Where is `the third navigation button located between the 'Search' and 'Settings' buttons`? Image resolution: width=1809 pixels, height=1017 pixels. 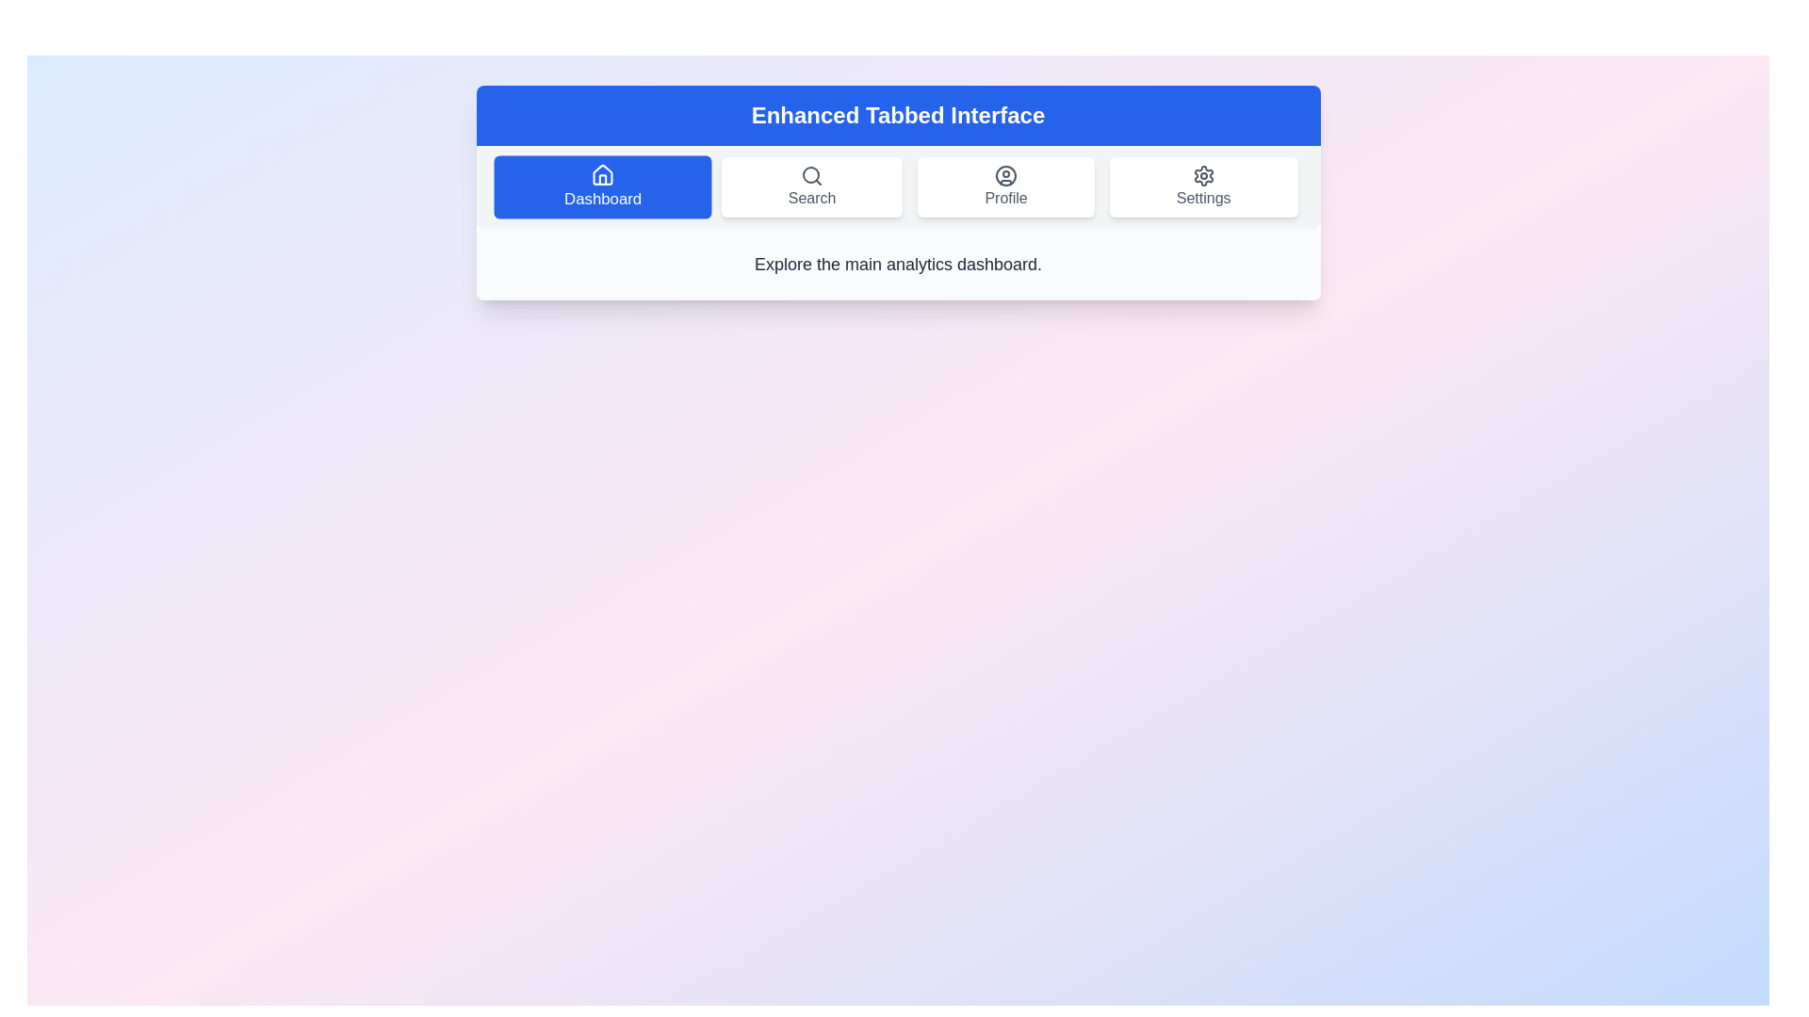 the third navigation button located between the 'Search' and 'Settings' buttons is located at coordinates (1005, 187).